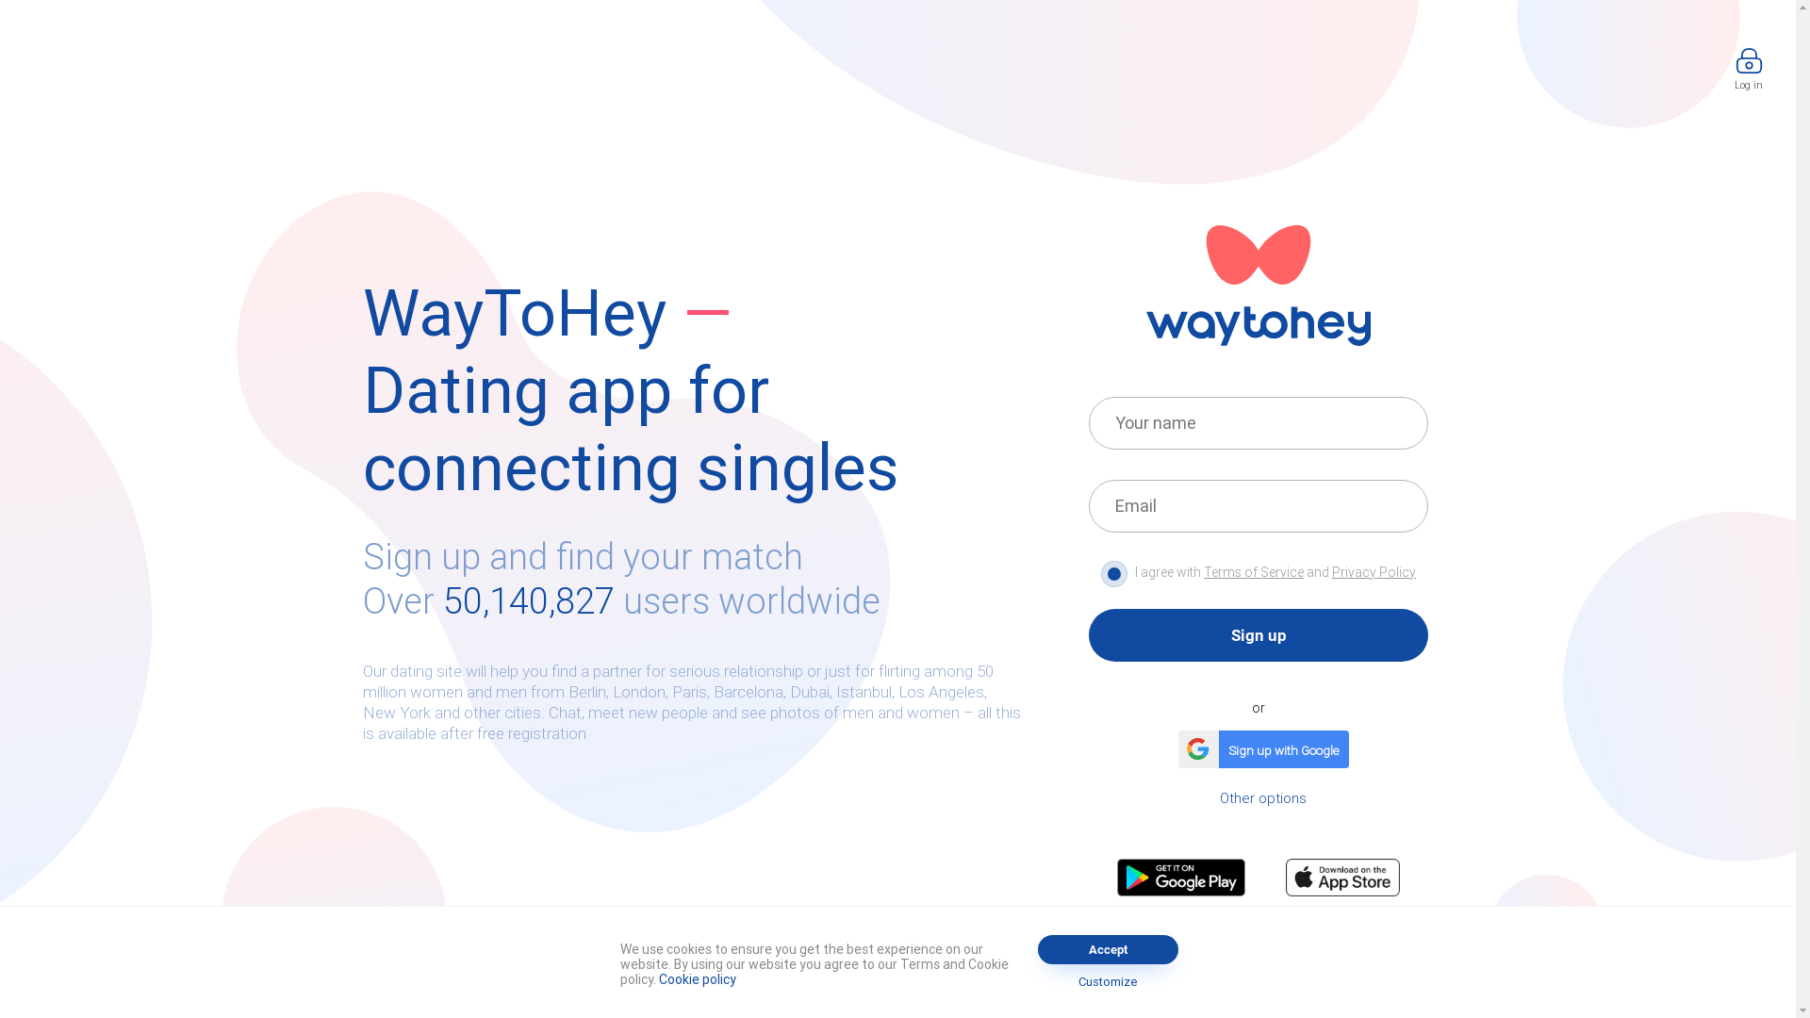  What do you see at coordinates (1259, 747) in the screenshot?
I see `'Sign up with Google'` at bounding box center [1259, 747].